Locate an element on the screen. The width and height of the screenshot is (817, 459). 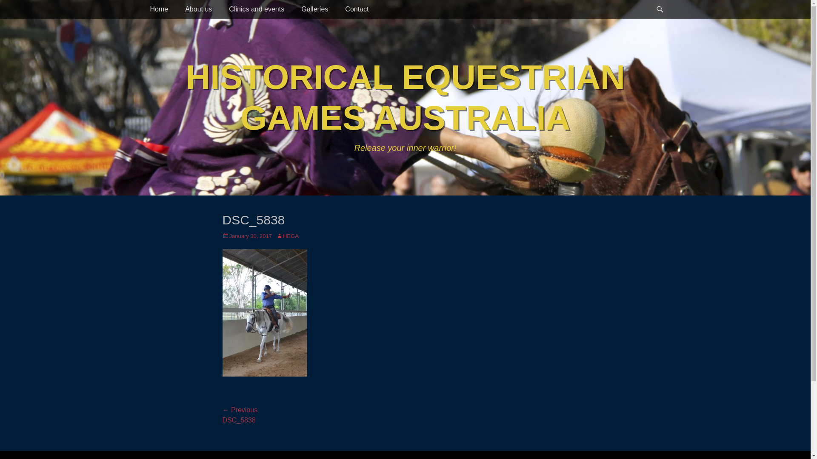
'About us' is located at coordinates (176, 9).